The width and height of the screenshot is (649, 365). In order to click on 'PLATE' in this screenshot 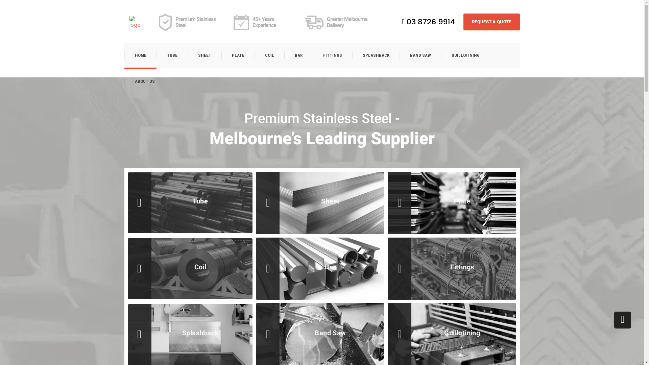, I will do `click(237, 55)`.